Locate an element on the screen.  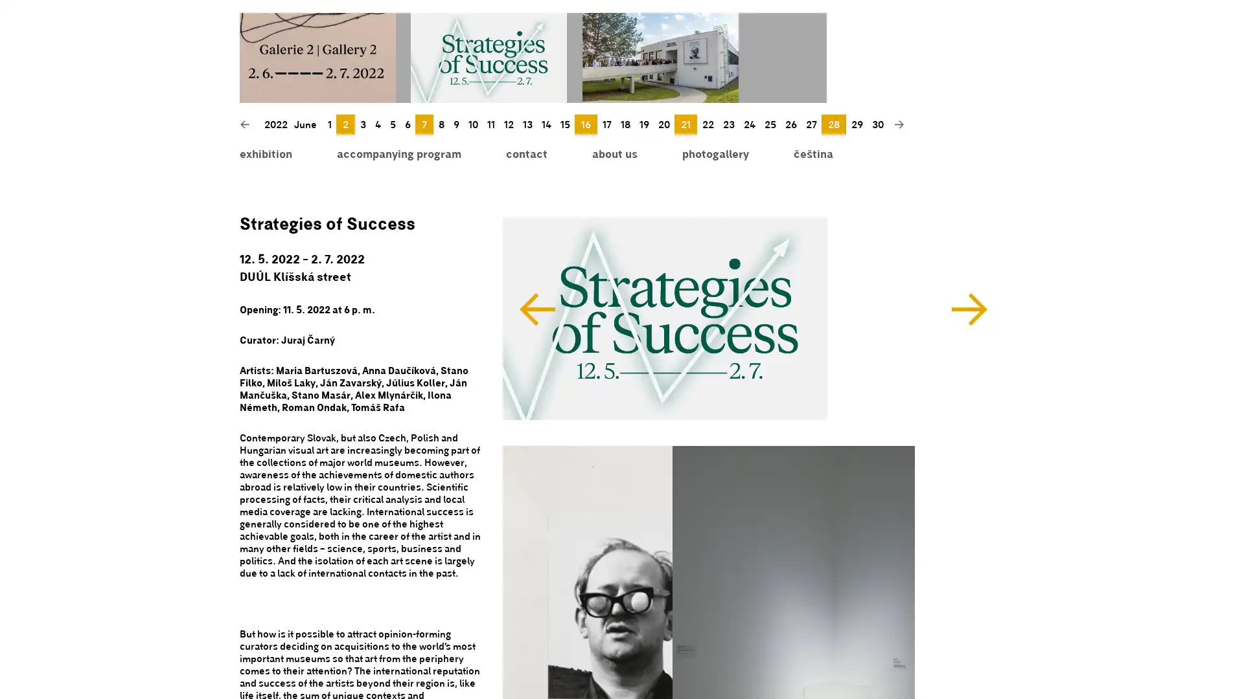
Previous is located at coordinates (536, 415).